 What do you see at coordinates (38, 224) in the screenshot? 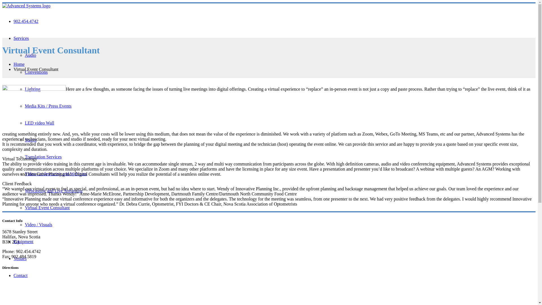
I see `'Video / Visuals'` at bounding box center [38, 224].